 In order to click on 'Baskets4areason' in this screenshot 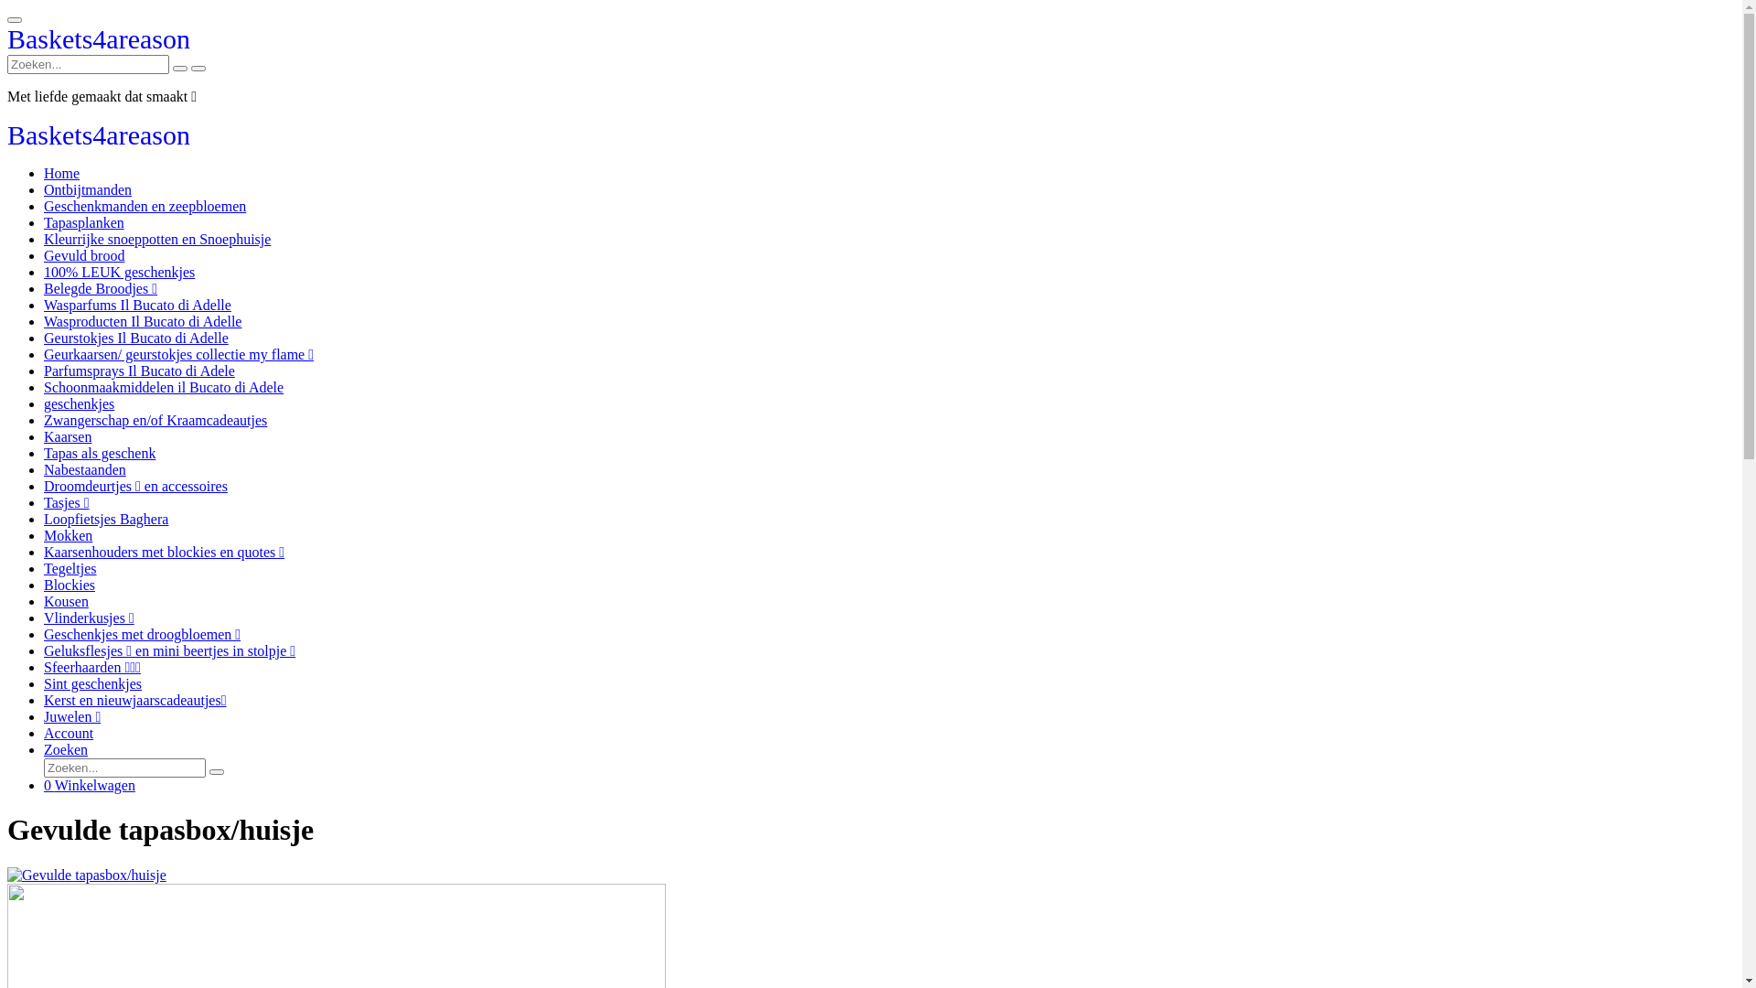, I will do `click(7, 42)`.